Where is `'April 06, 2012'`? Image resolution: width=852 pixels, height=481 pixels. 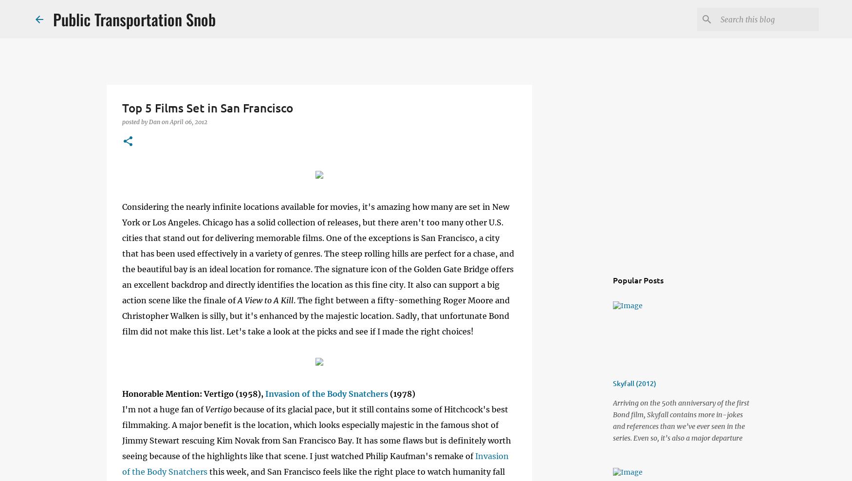 'April 06, 2012' is located at coordinates (188, 121).